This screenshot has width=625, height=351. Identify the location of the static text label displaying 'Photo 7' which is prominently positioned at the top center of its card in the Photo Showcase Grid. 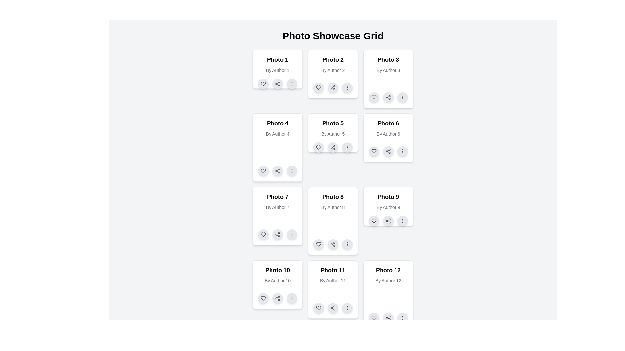
(278, 196).